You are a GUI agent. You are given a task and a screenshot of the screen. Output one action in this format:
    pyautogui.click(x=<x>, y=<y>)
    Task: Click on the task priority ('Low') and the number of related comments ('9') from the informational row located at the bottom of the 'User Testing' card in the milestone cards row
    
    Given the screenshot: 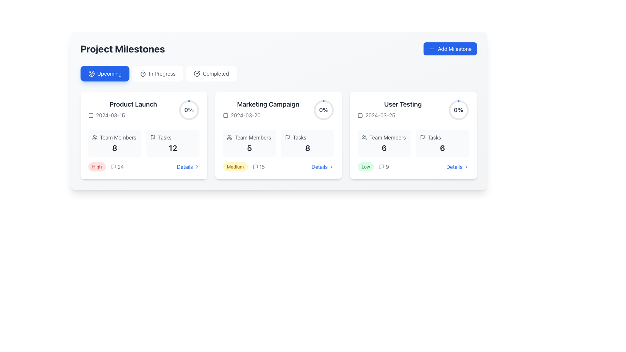 What is the action you would take?
    pyautogui.click(x=413, y=167)
    